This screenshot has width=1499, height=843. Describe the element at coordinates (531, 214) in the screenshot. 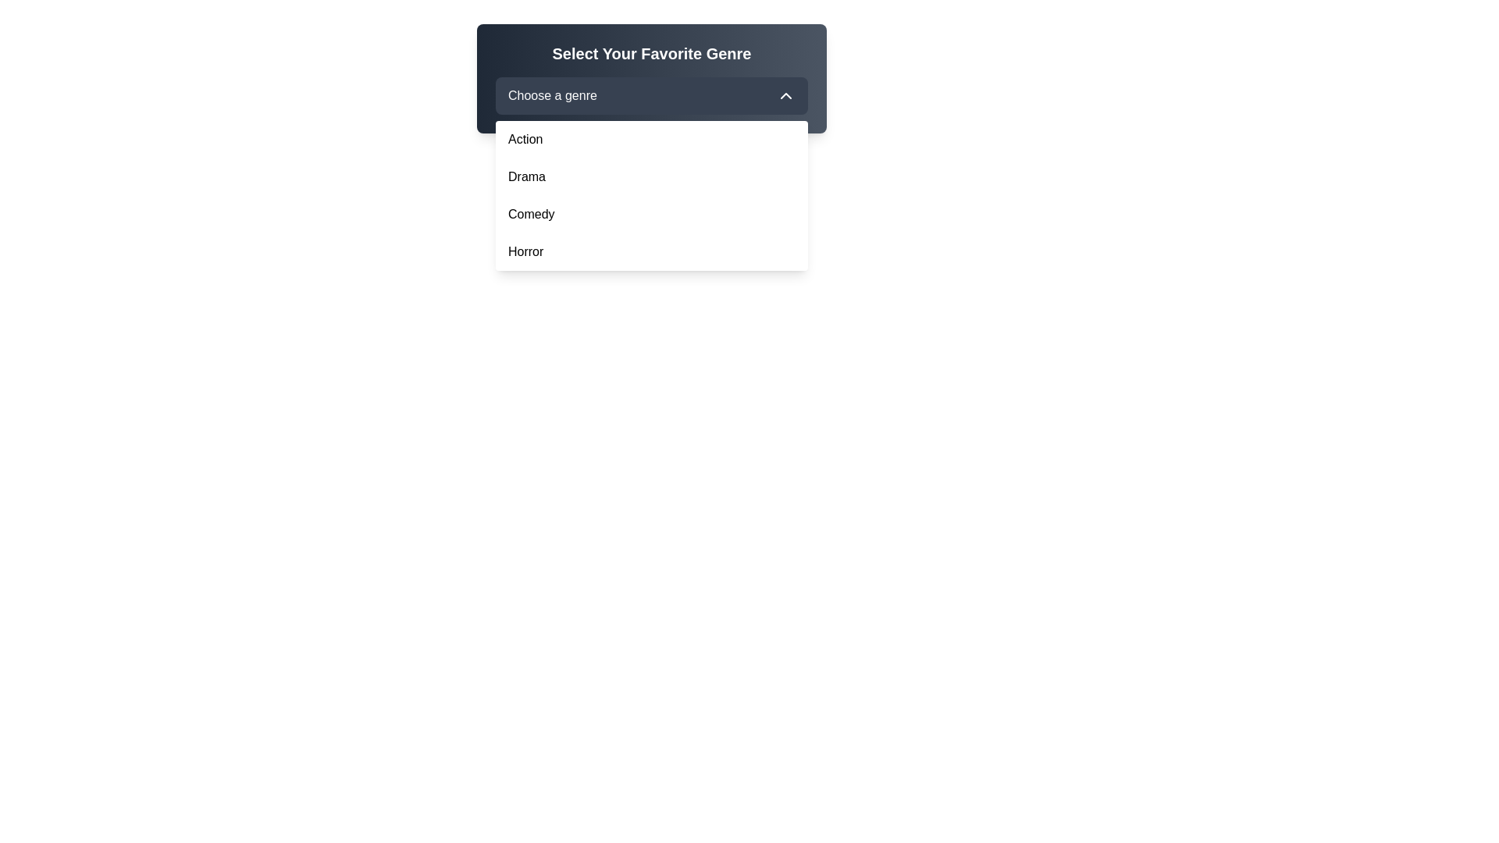

I see `the text label displaying 'Comedy'` at that location.